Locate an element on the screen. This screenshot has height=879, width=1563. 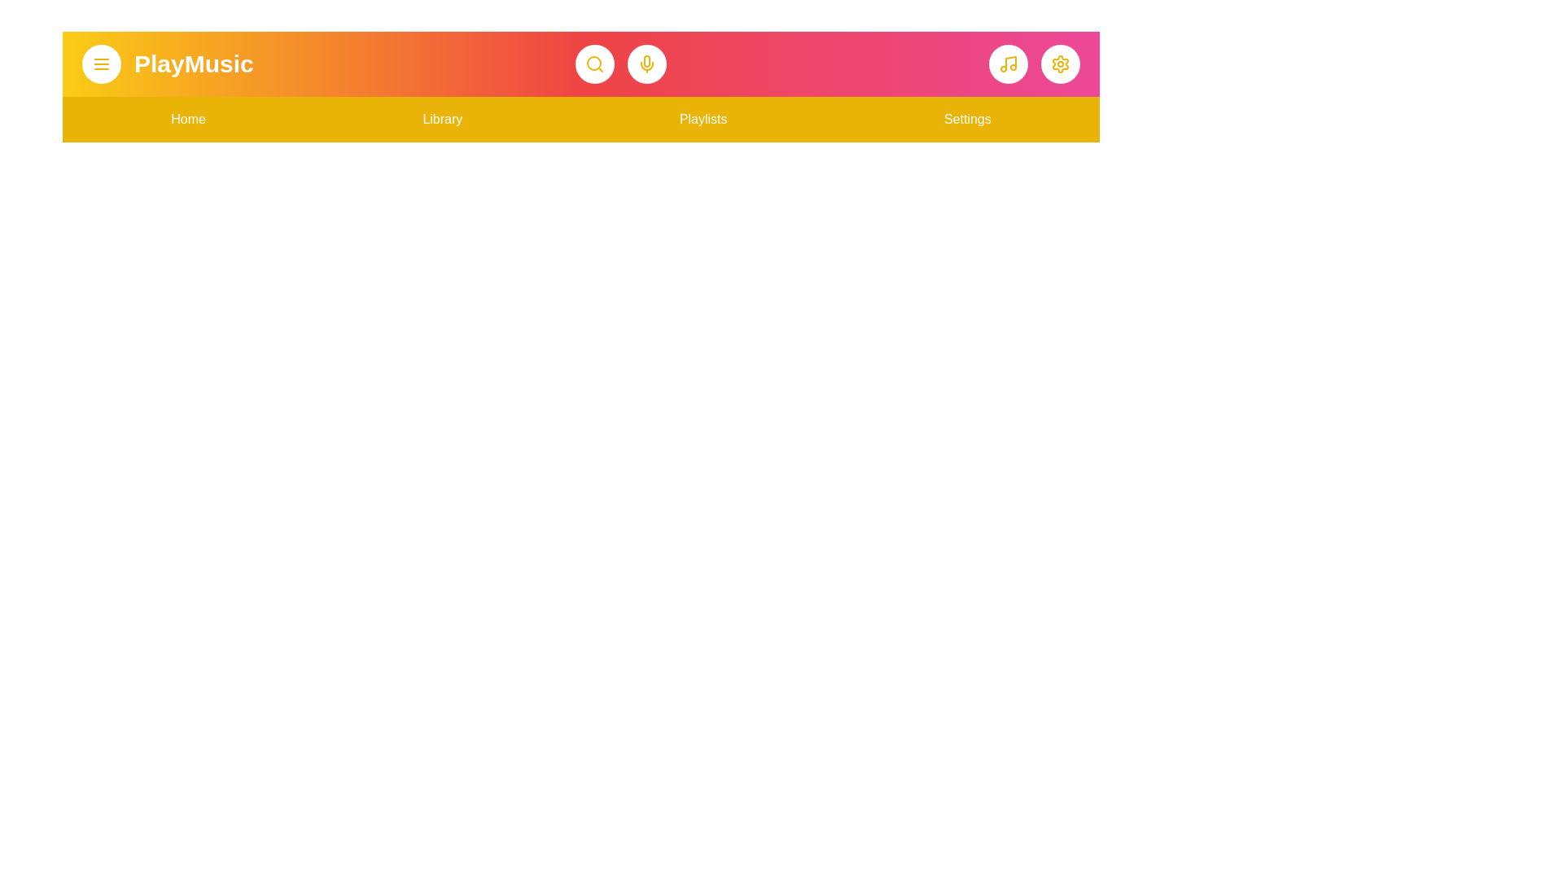
the music button to perform an audio-related action is located at coordinates (1007, 63).